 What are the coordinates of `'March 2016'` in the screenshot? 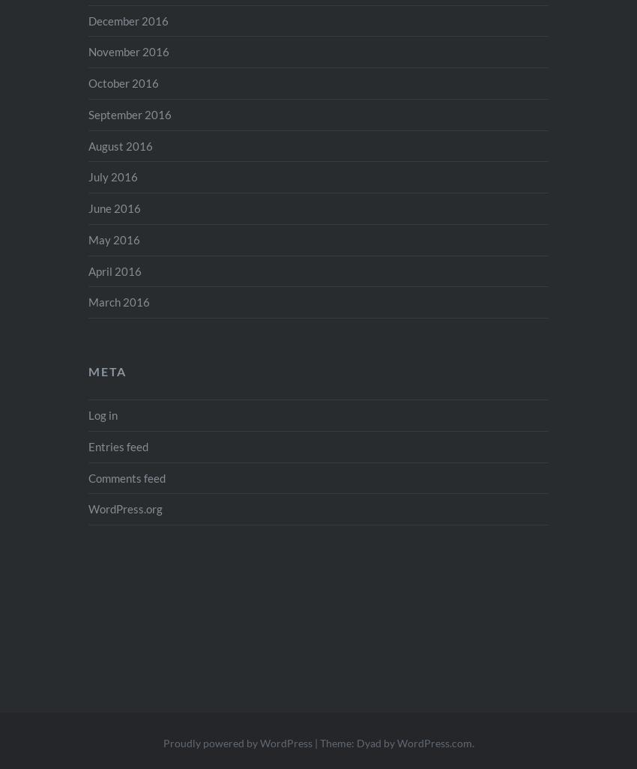 It's located at (119, 301).